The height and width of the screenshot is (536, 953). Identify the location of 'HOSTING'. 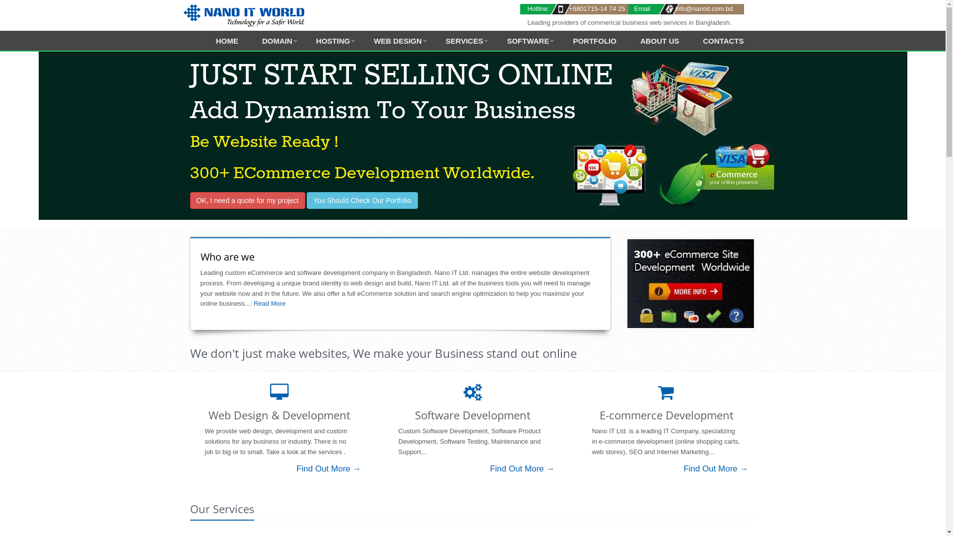
(304, 41).